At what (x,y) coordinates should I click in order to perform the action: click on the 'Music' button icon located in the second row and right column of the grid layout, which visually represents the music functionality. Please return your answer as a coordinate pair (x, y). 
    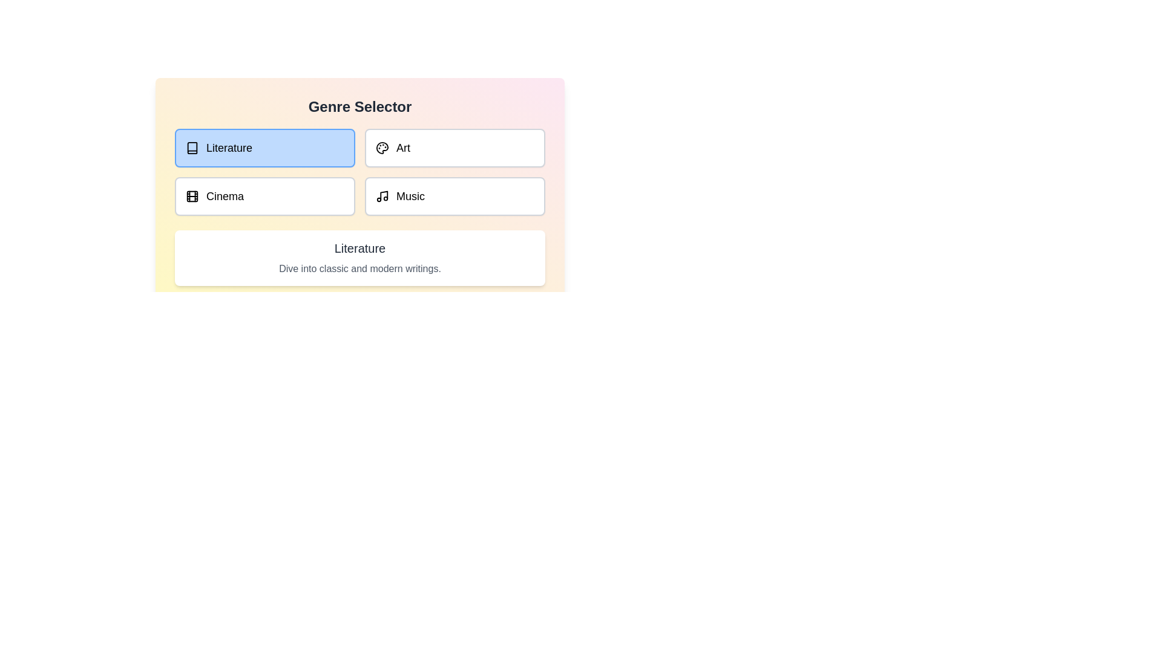
    Looking at the image, I should click on (382, 195).